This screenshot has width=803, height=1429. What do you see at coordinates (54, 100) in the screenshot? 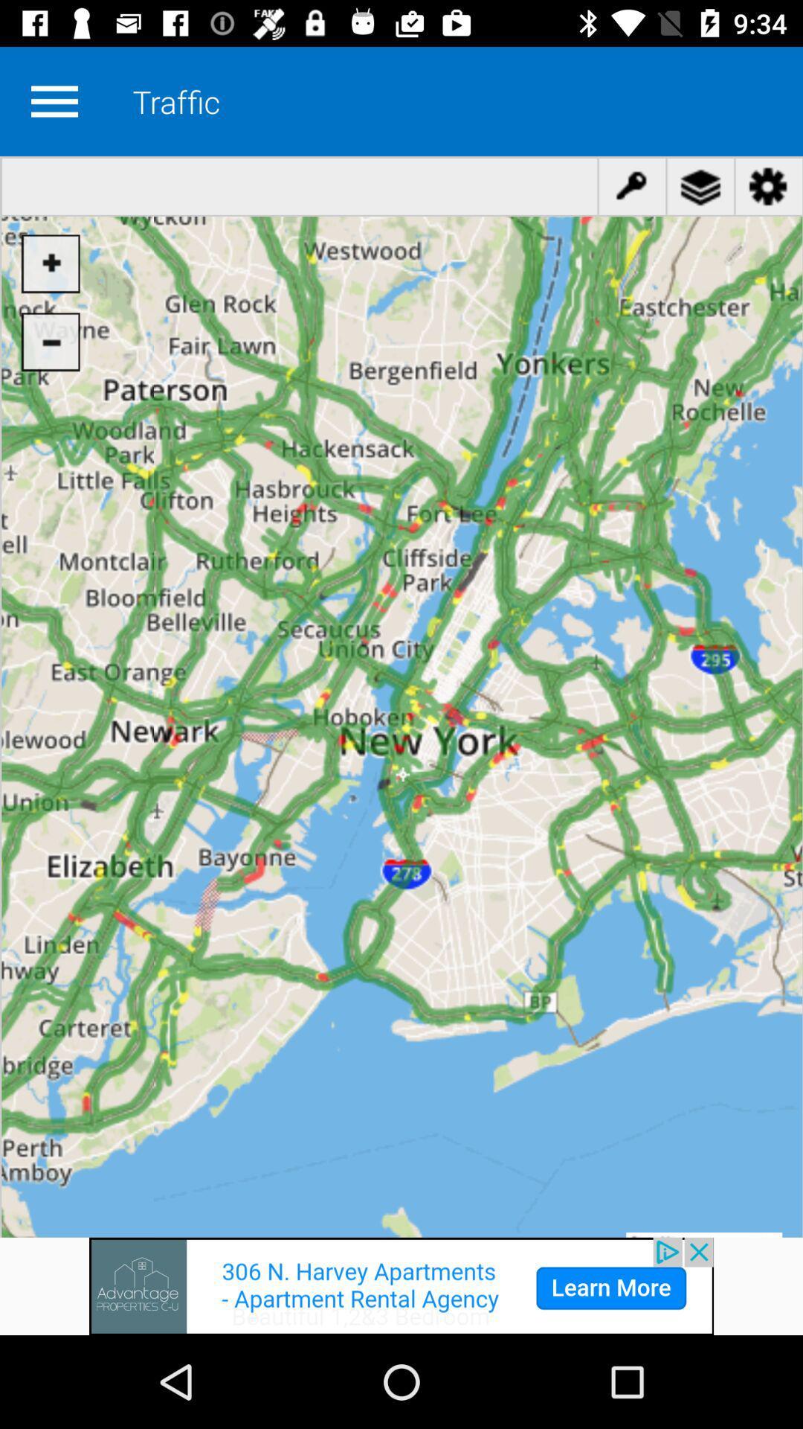
I see `click the menu button` at bounding box center [54, 100].